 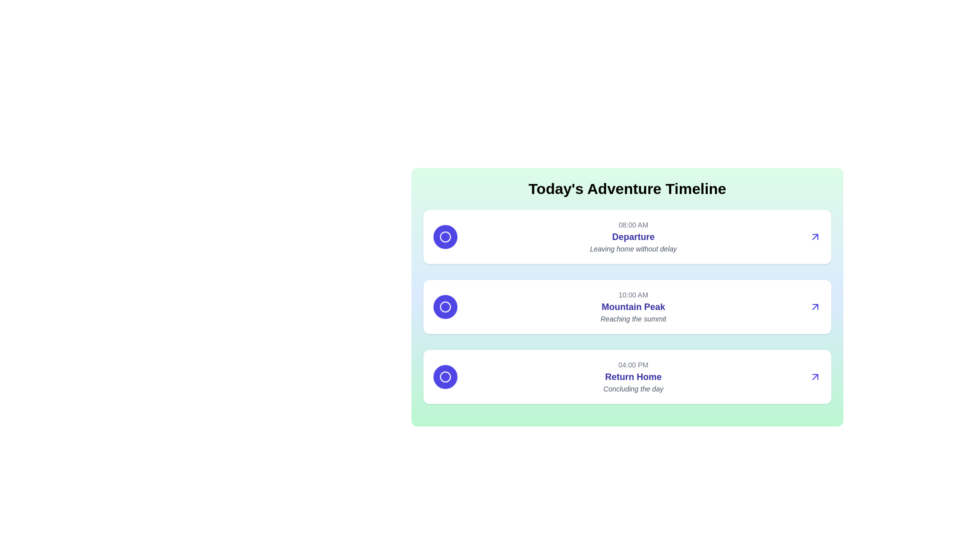 I want to click on the second circular icon with a white outline and blue fill, located to the left of the timeline items in a vertically arranged list, so click(x=444, y=306).